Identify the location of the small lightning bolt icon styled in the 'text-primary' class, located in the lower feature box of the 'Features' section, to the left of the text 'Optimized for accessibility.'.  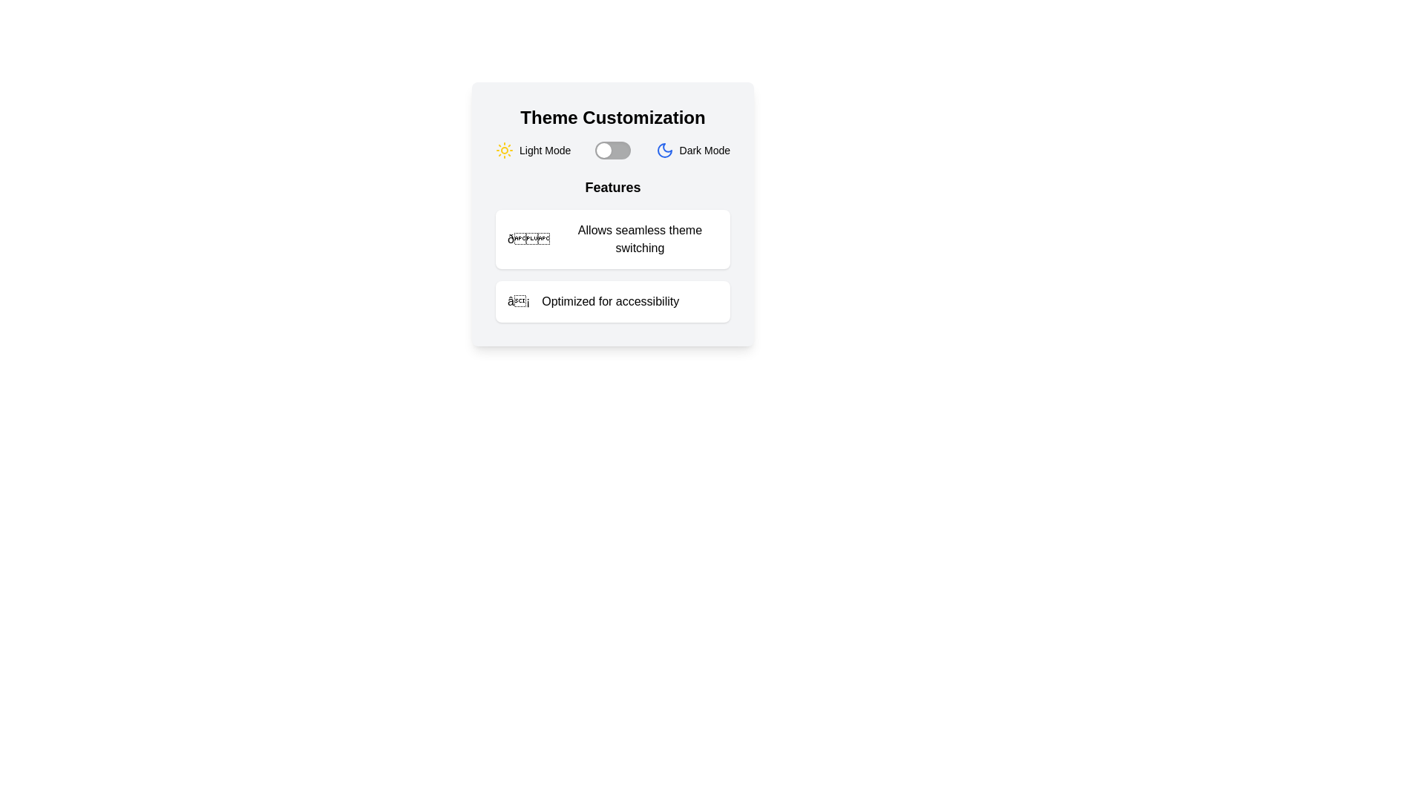
(519, 301).